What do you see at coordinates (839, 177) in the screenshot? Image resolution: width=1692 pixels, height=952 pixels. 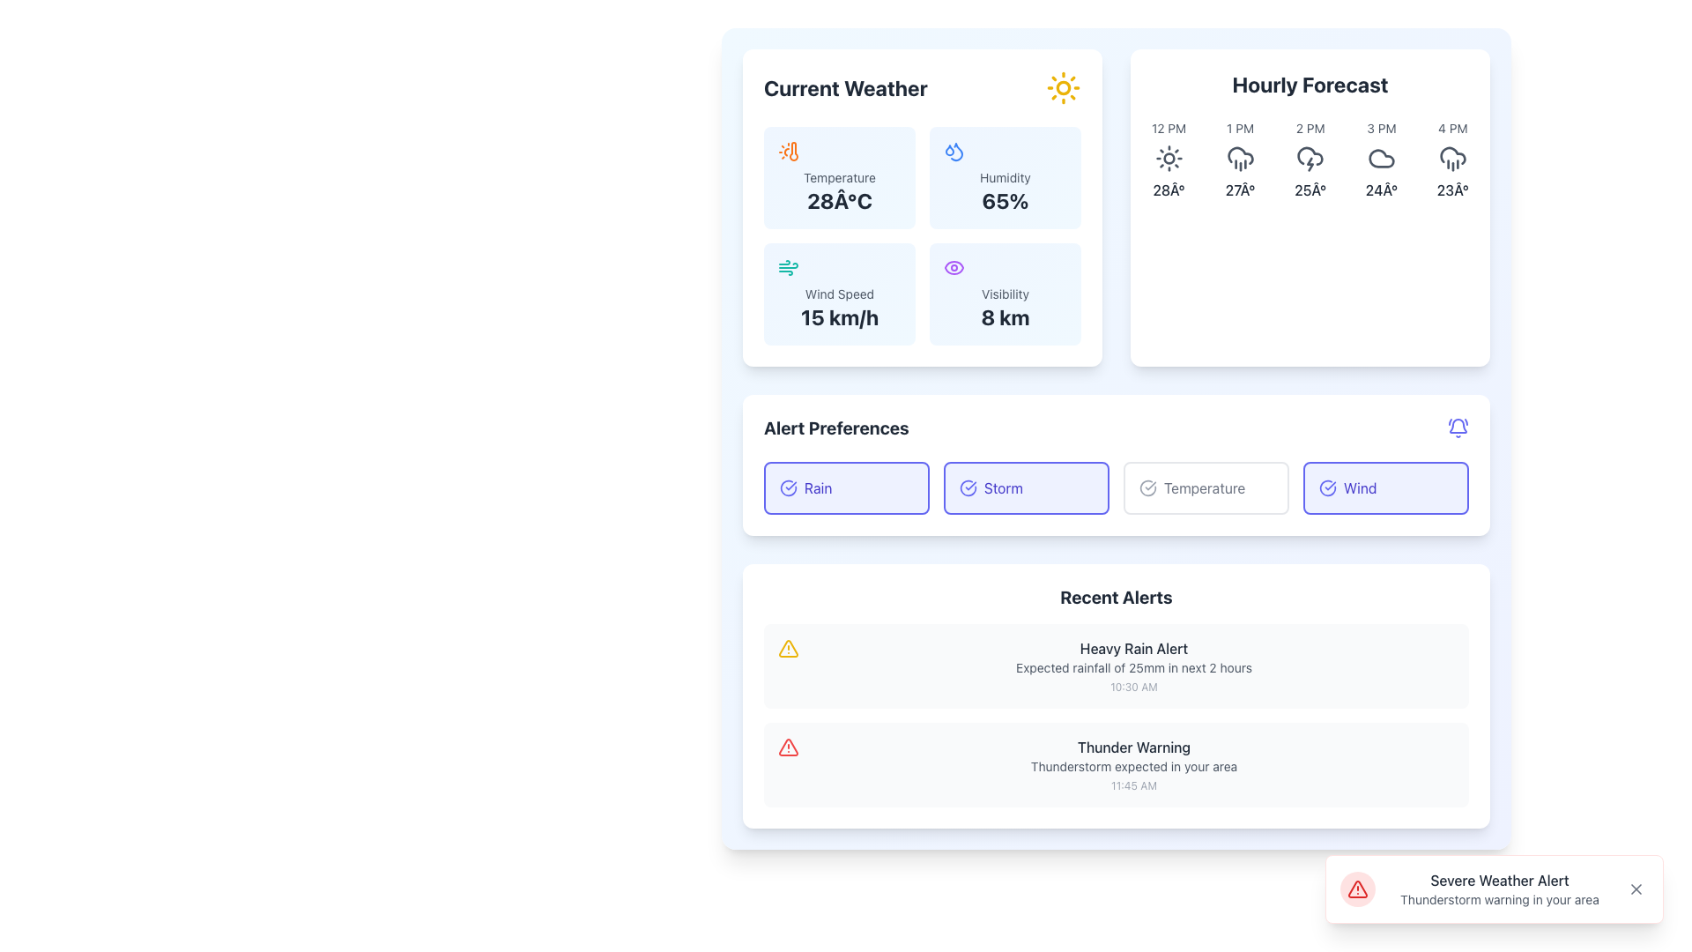 I see `the static text element labeled 'Temperature' located in the 'Current Weather' section, which indicates the temperature value displayed below it` at bounding box center [839, 177].